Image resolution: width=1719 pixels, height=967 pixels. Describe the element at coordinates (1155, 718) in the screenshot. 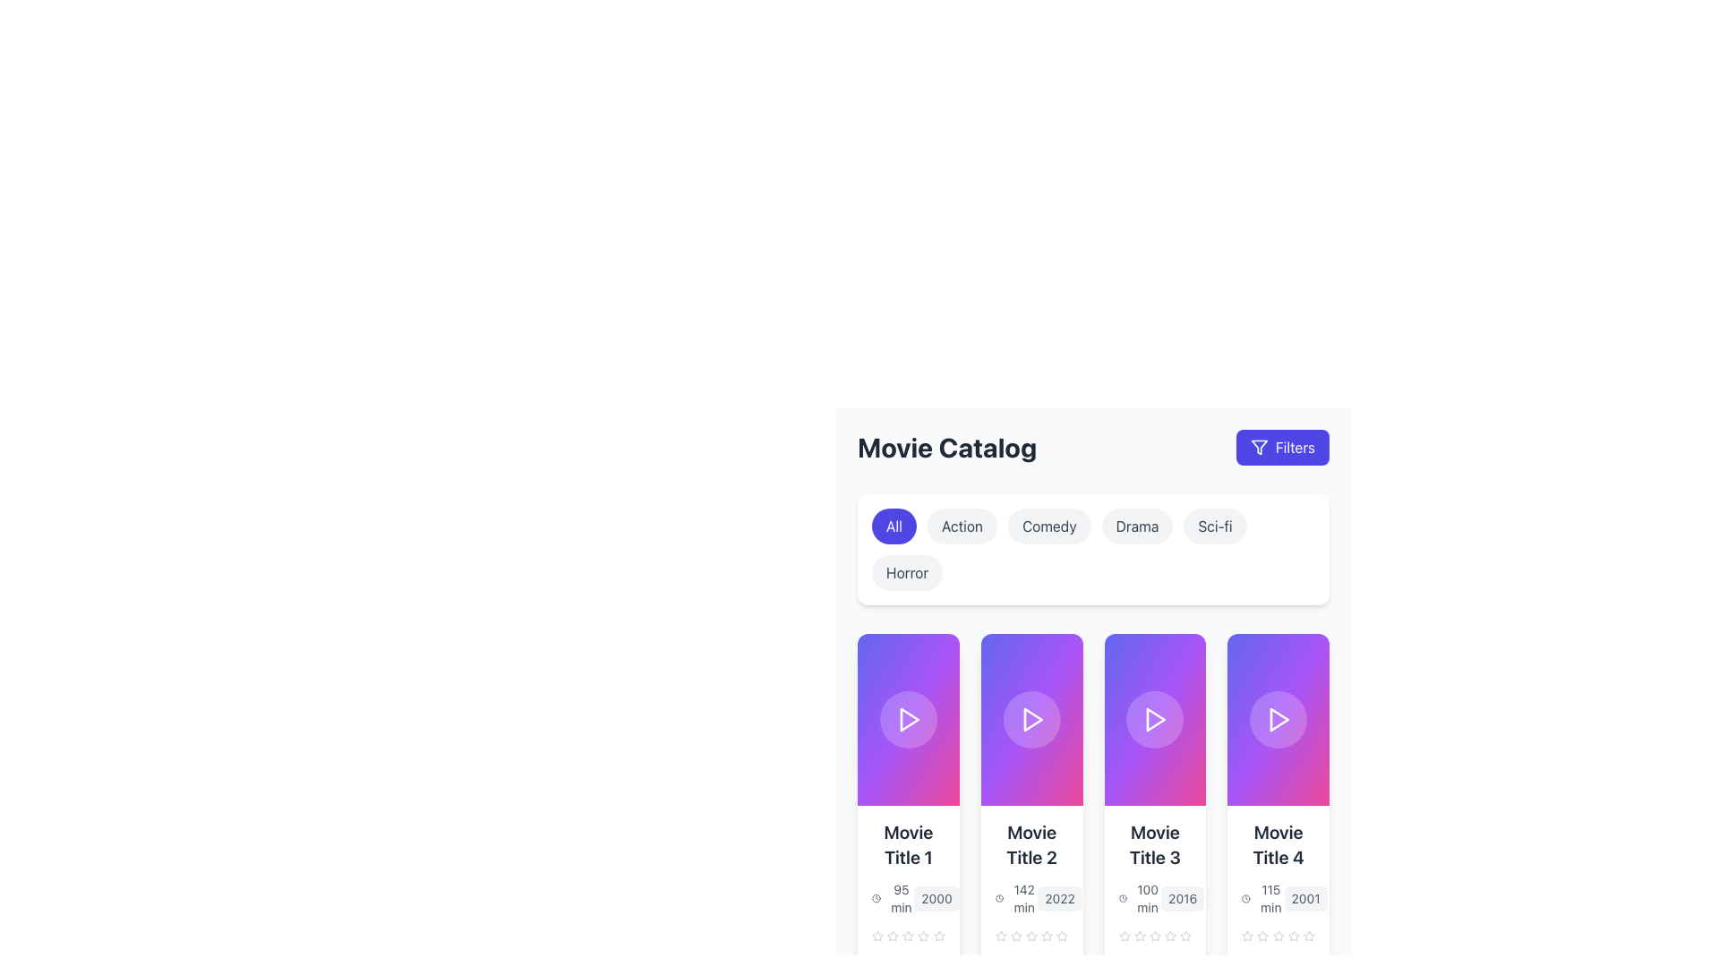

I see `the play icon, which is an equilateral triangle pointing to the right, enclosed within a circular area, located in the top section of the third movie card with a gradient background from purple to pink` at that location.